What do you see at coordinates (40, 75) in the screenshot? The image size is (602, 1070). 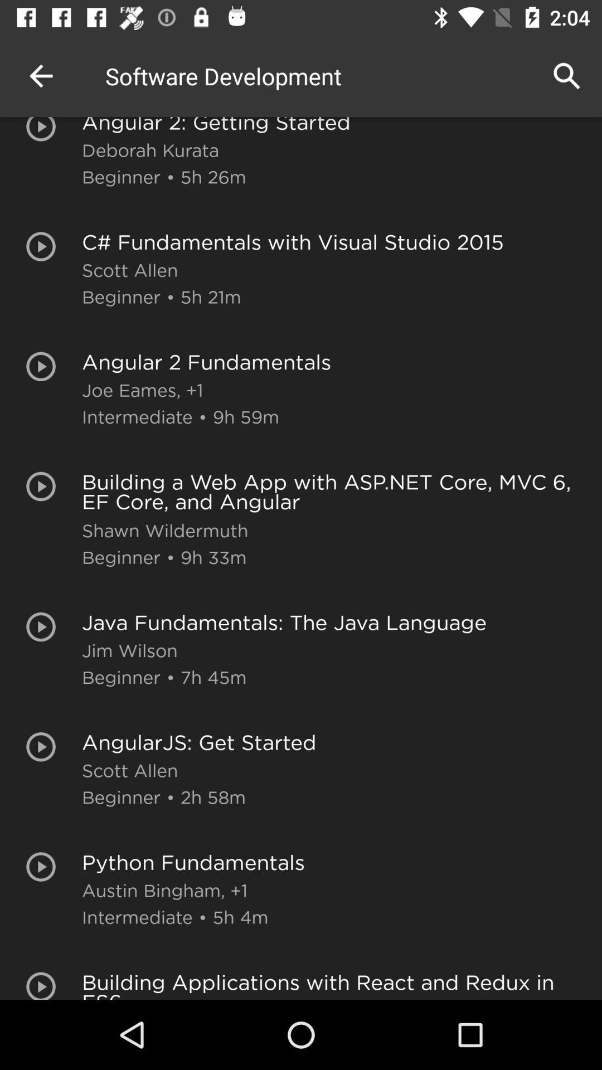 I see `the item next to the angular 2 getting item` at bounding box center [40, 75].